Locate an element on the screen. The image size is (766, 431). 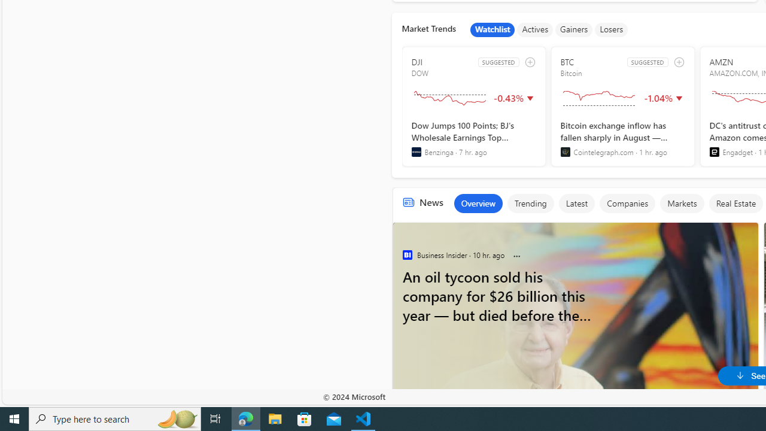
'Gainers' is located at coordinates (573, 29).